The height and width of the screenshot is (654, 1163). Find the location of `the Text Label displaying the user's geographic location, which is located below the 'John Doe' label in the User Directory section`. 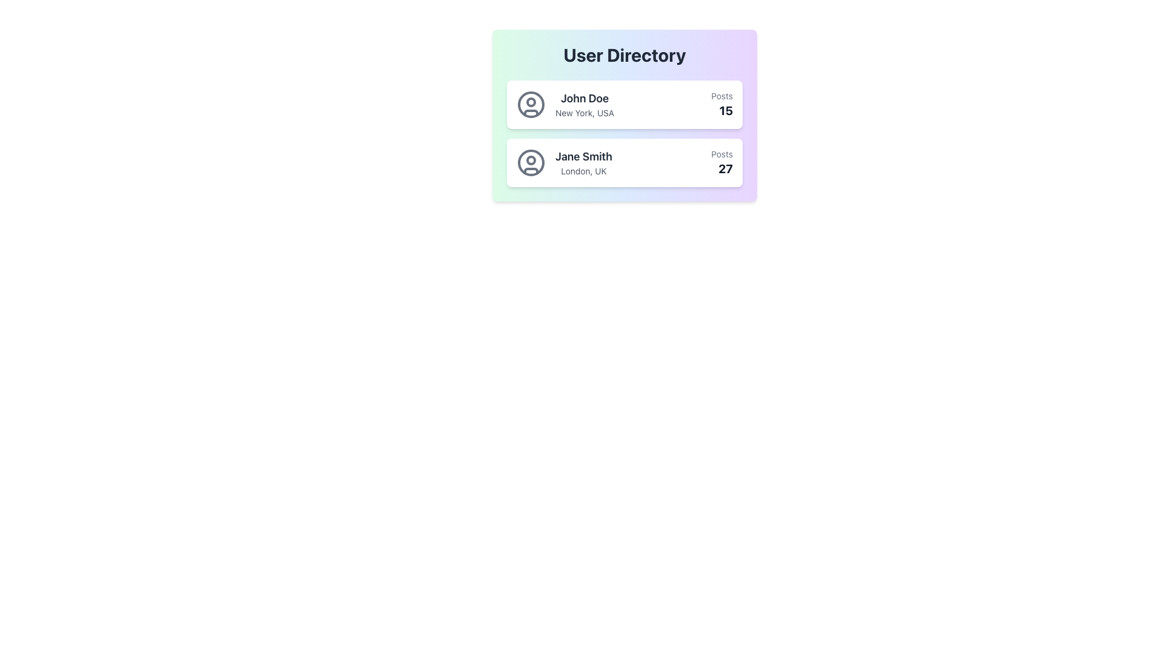

the Text Label displaying the user's geographic location, which is located below the 'John Doe' label in the User Directory section is located at coordinates (585, 113).